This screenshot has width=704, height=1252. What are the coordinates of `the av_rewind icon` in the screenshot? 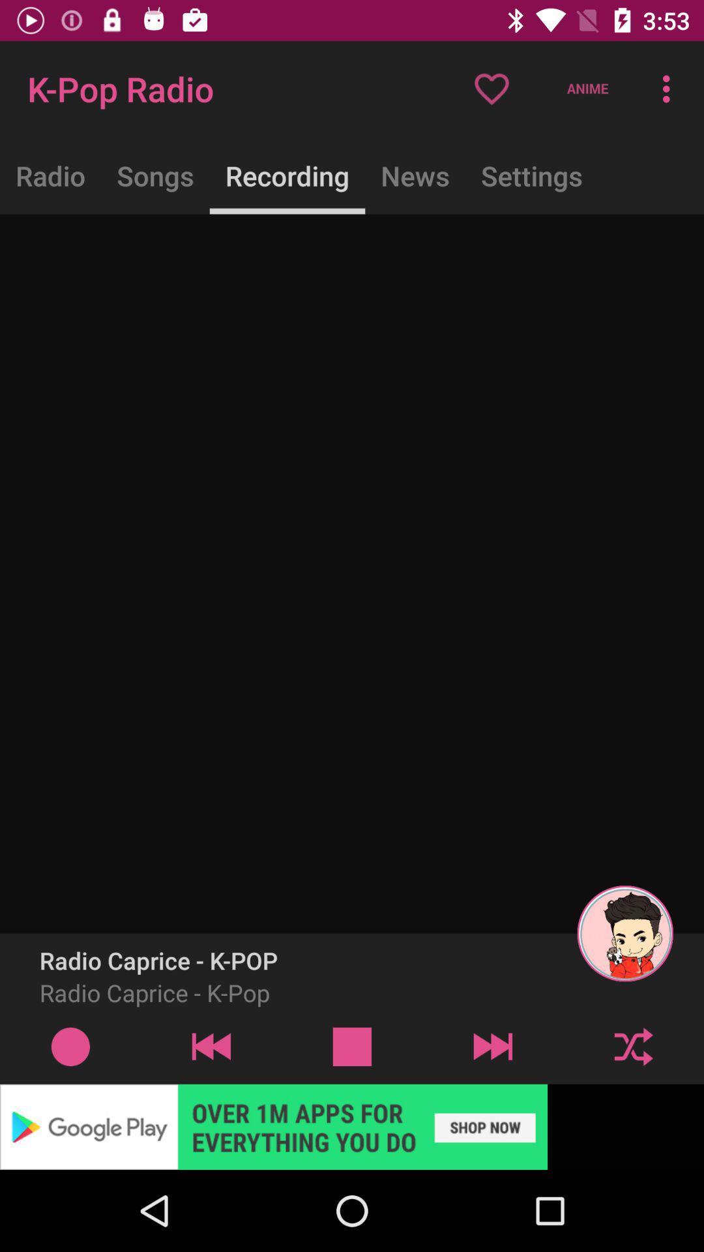 It's located at (211, 1046).